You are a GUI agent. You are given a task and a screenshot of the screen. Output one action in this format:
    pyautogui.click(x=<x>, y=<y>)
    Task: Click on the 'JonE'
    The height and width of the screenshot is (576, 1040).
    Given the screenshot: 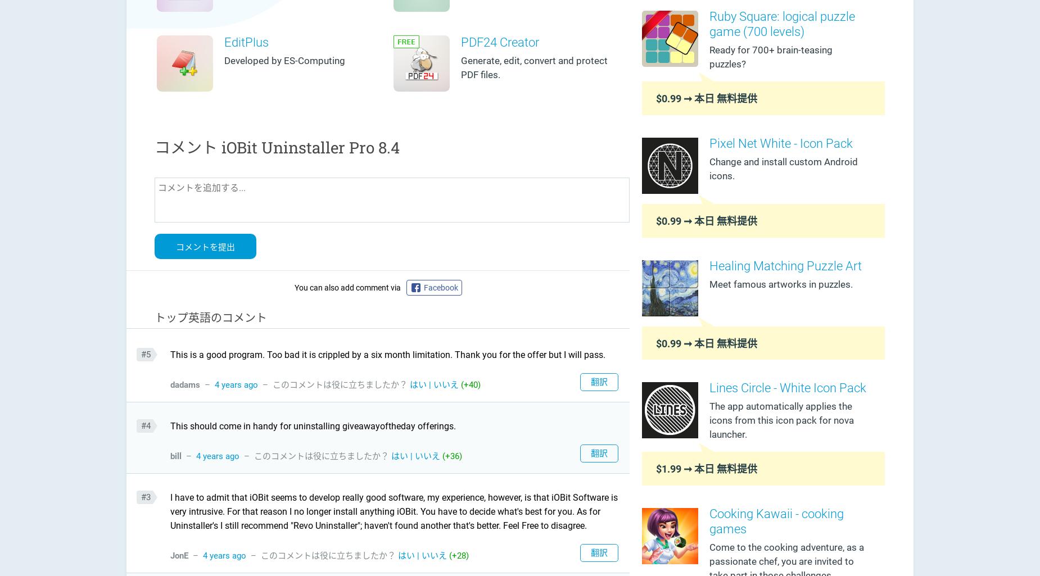 What is the action you would take?
    pyautogui.click(x=178, y=554)
    